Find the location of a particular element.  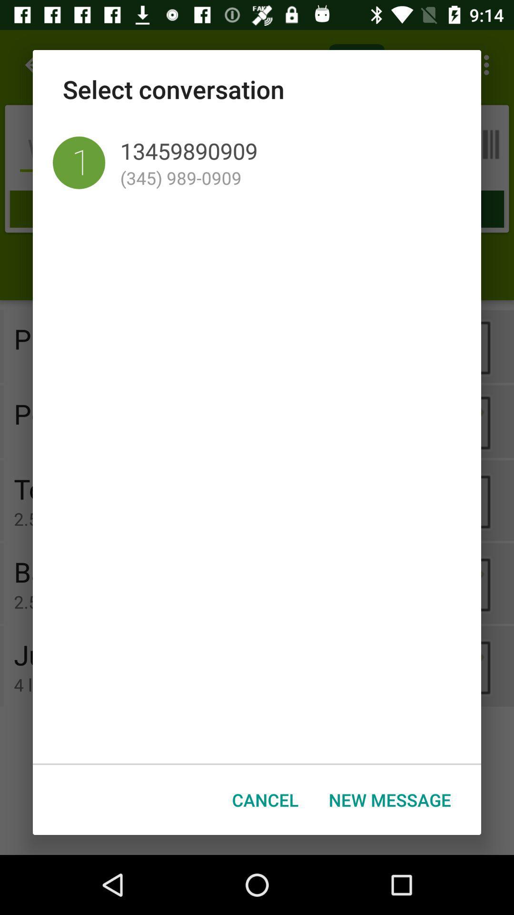

item below select conversation is located at coordinates (79, 163).